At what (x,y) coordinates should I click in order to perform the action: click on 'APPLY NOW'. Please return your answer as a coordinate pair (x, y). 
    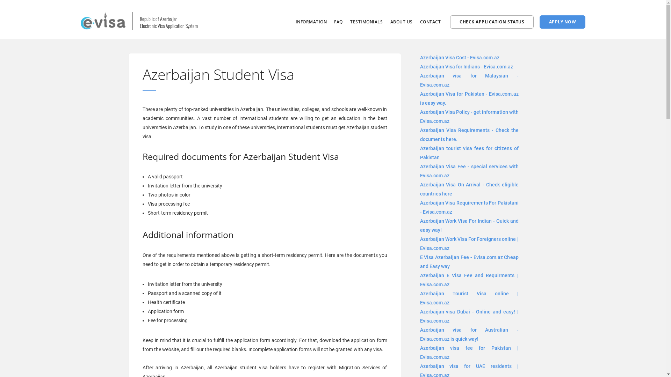
    Looking at the image, I should click on (562, 21).